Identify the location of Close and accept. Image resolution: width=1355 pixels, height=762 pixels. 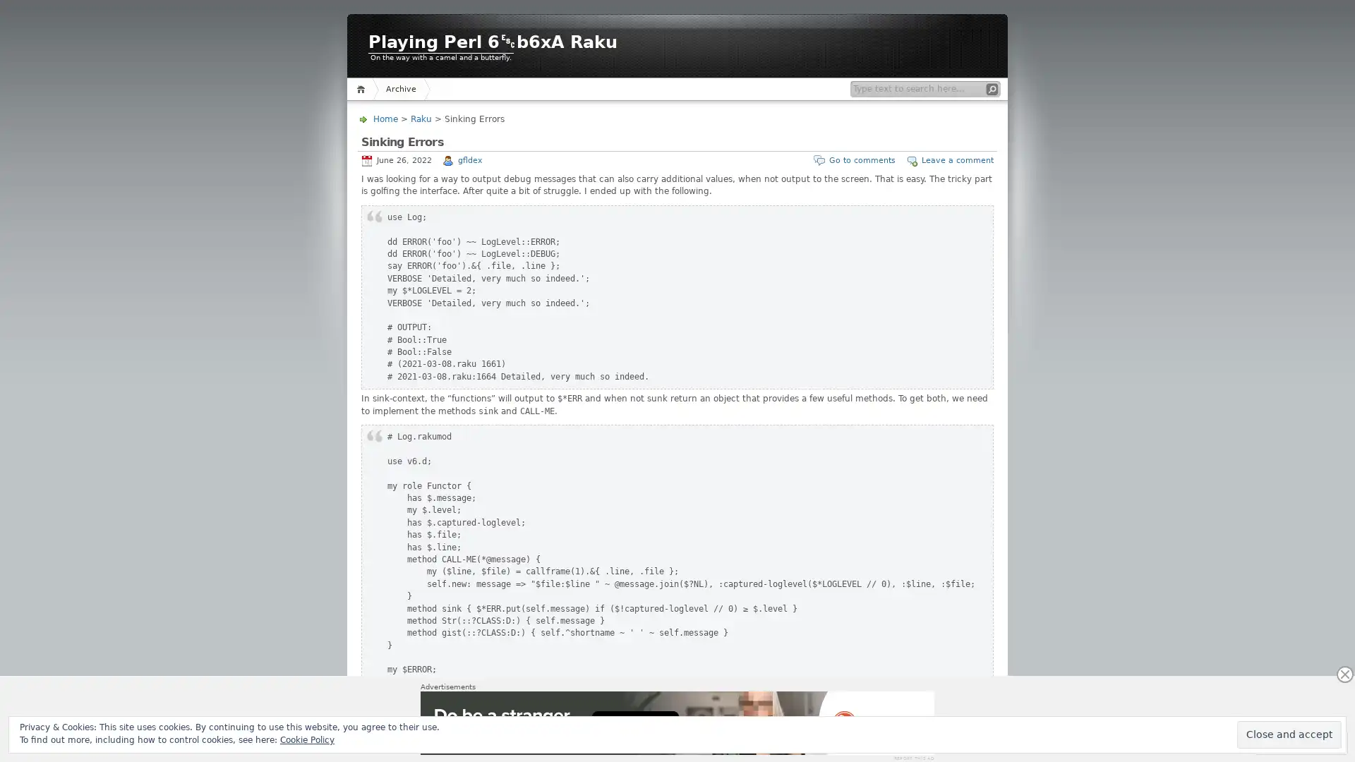
(1289, 734).